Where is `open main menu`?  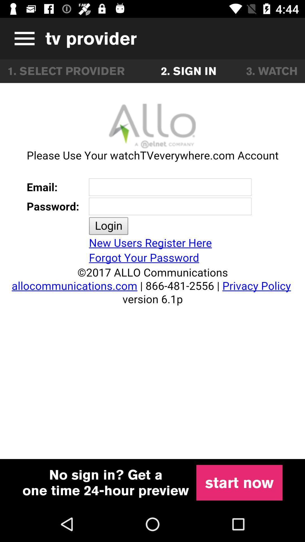
open main menu is located at coordinates (22, 38).